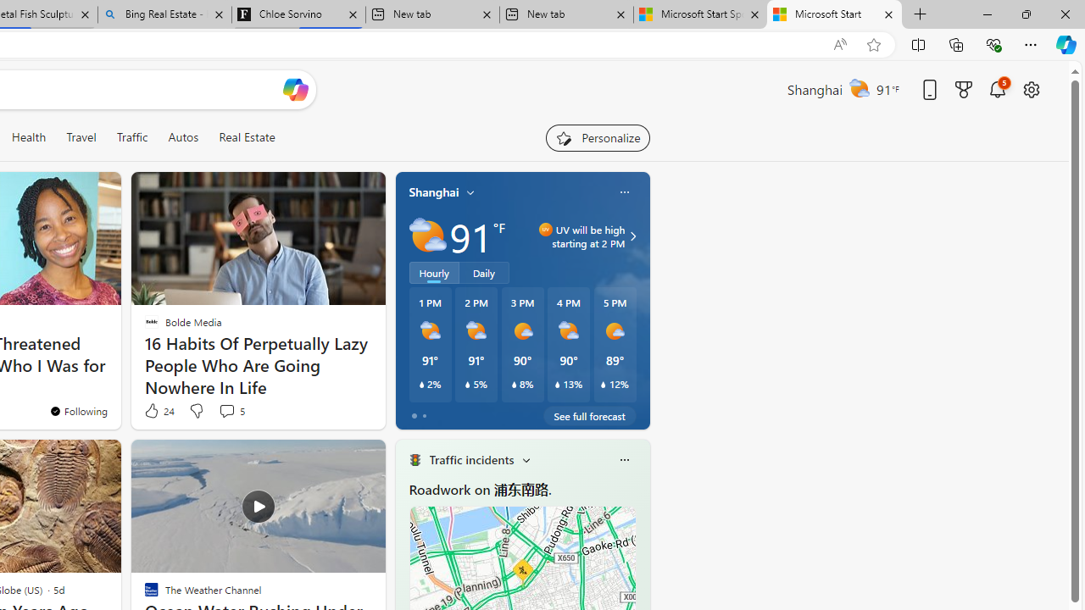 This screenshot has height=610, width=1085. Describe the element at coordinates (298, 14) in the screenshot. I see `'Chloe Sorvino'` at that location.